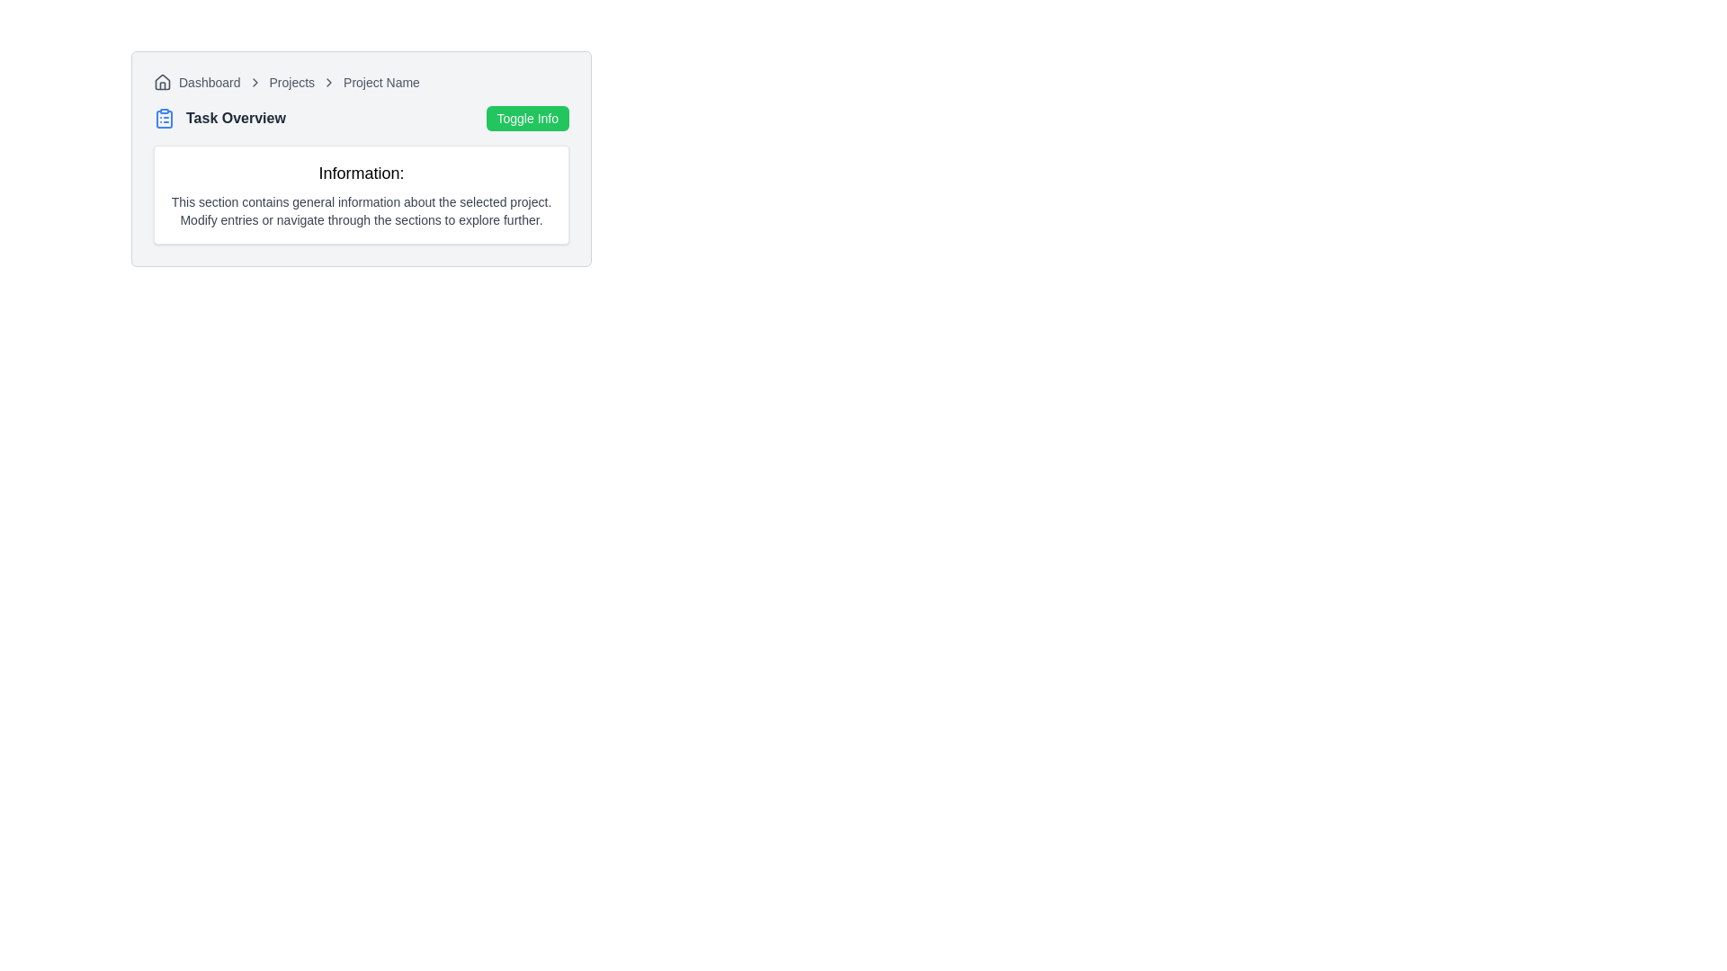 Image resolution: width=1727 pixels, height=971 pixels. Describe the element at coordinates (329, 83) in the screenshot. I see `the third chevron icon in the breadcrumb navigation, which separates 'Projects' and 'Project Name'` at that location.